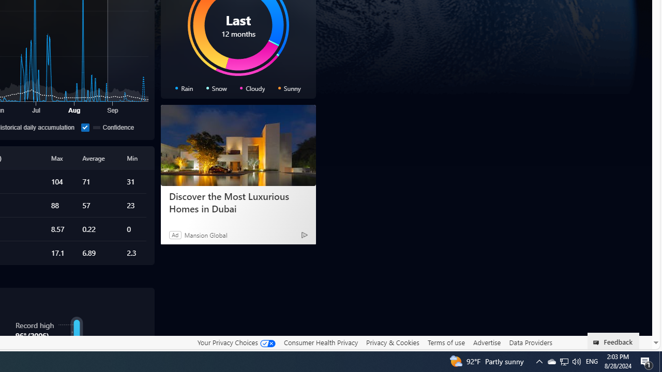 The height and width of the screenshot is (372, 662). What do you see at coordinates (235, 343) in the screenshot?
I see `'Your Privacy Choices'` at bounding box center [235, 343].